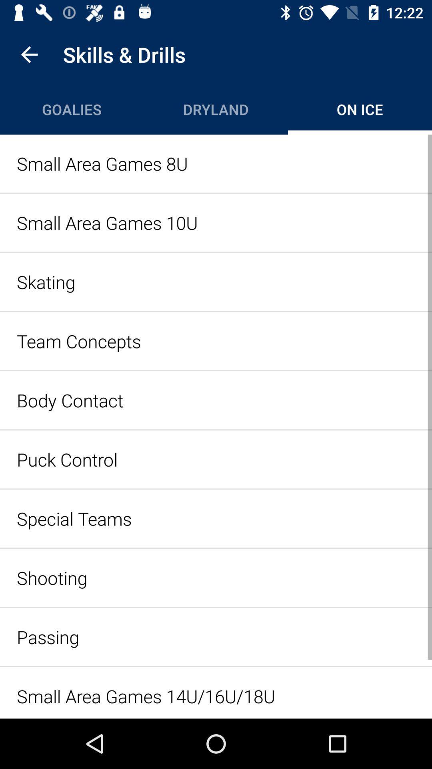 This screenshot has width=432, height=769. I want to click on special teams icon, so click(216, 518).